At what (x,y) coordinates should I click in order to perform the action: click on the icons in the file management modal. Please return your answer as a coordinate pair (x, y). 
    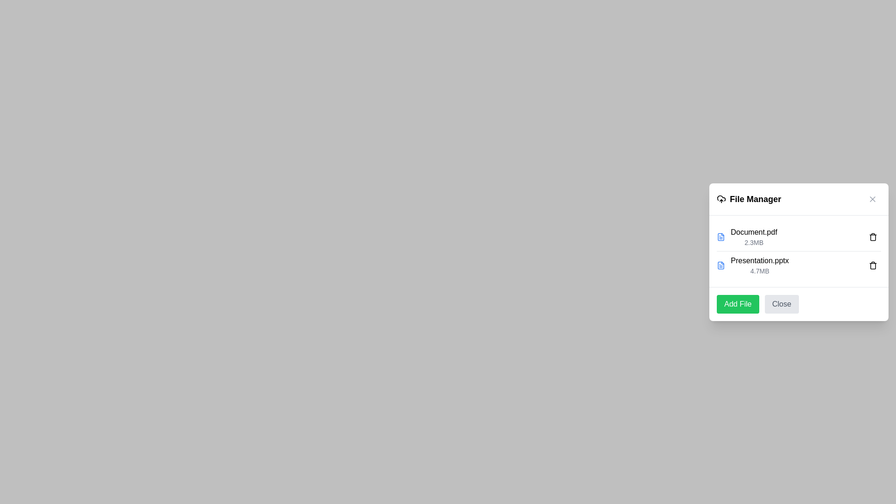
    Looking at the image, I should click on (798, 252).